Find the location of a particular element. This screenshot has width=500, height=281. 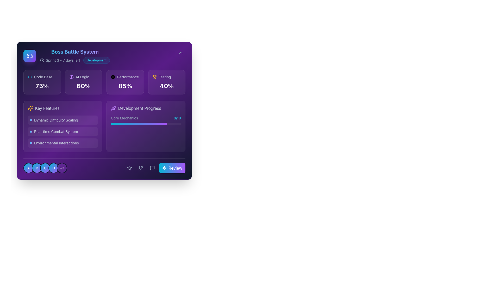

the text displayed by the Text Label showing 'Testing' in light slate gray color, which is positioned to the right of a trophy icon is located at coordinates (165, 77).